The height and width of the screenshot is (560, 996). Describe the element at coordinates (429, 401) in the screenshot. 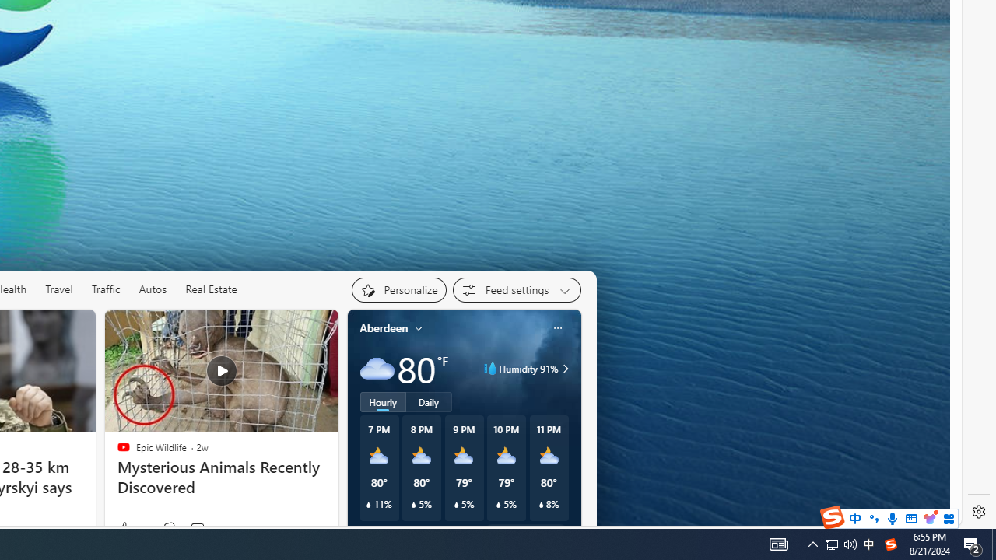

I see `'Daily'` at that location.